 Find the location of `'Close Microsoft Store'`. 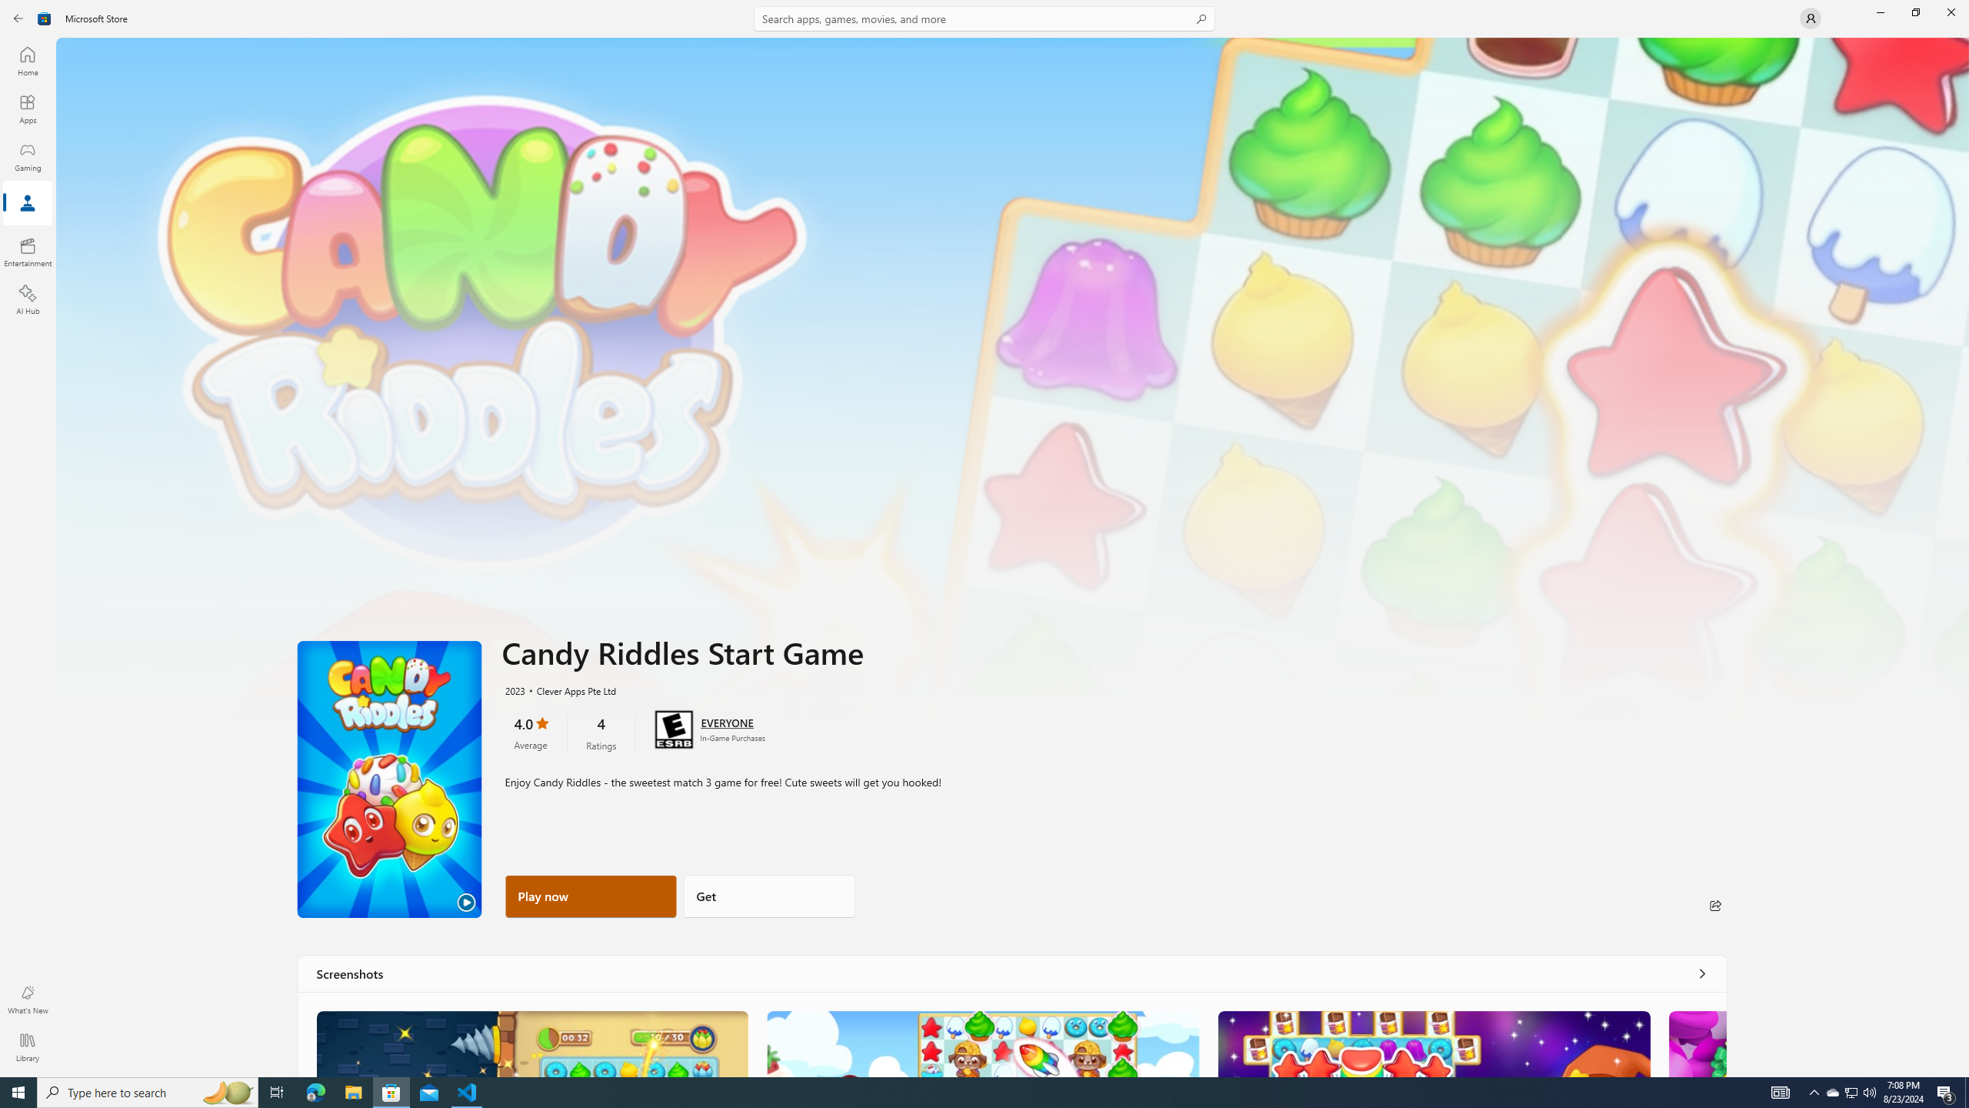

'Close Microsoft Store' is located at coordinates (1950, 12).